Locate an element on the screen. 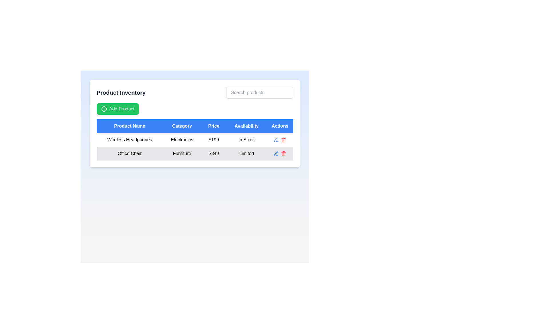 This screenshot has width=549, height=309. the 'Price' column header in the table, which is the third header in the sequence of headers, located in the middle of the horizontal blue header row is located at coordinates (213, 126).